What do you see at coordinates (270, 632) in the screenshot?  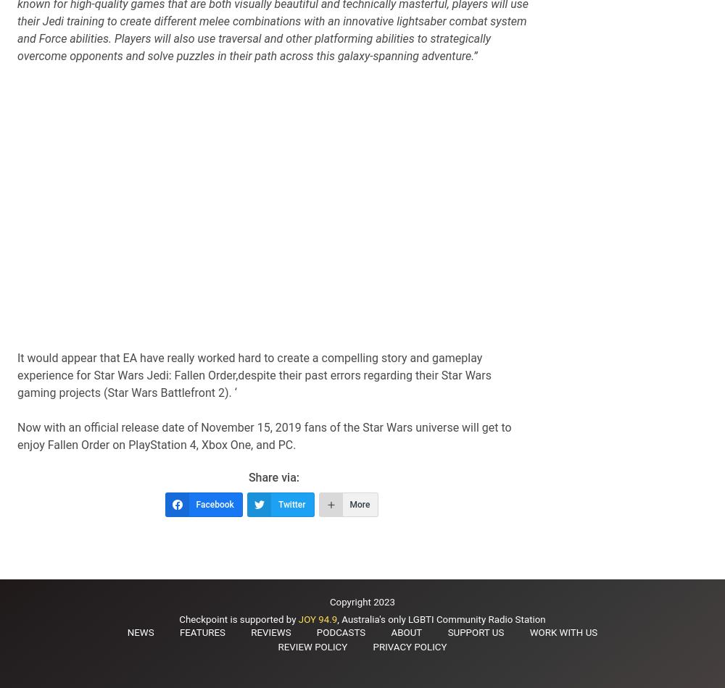 I see `'Reviews'` at bounding box center [270, 632].